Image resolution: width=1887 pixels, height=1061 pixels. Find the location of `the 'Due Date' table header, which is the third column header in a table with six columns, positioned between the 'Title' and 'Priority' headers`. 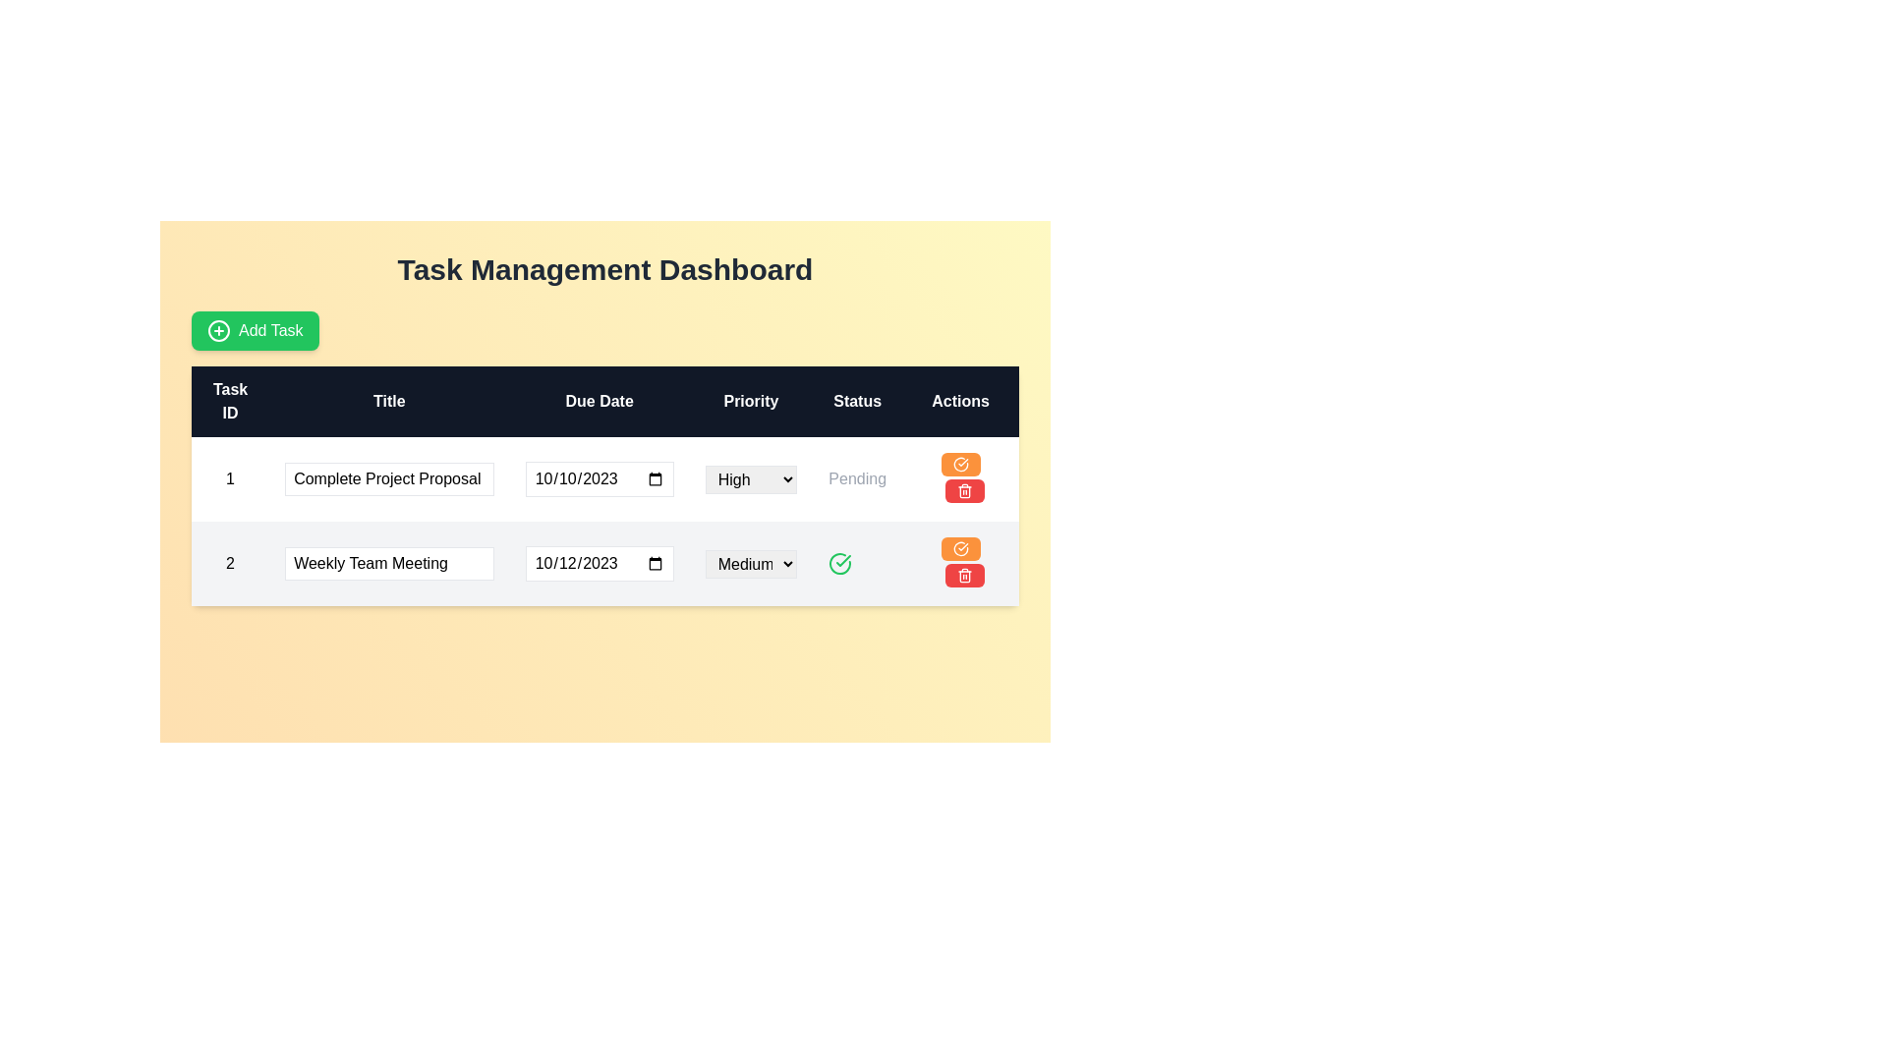

the 'Due Date' table header, which is the third column header in a table with six columns, positioned between the 'Title' and 'Priority' headers is located at coordinates (599, 400).